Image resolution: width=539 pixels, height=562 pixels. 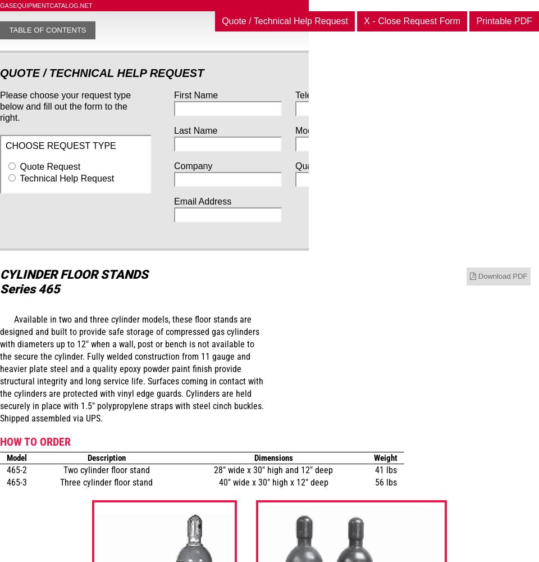 What do you see at coordinates (6, 469) in the screenshot?
I see `'465-2'` at bounding box center [6, 469].